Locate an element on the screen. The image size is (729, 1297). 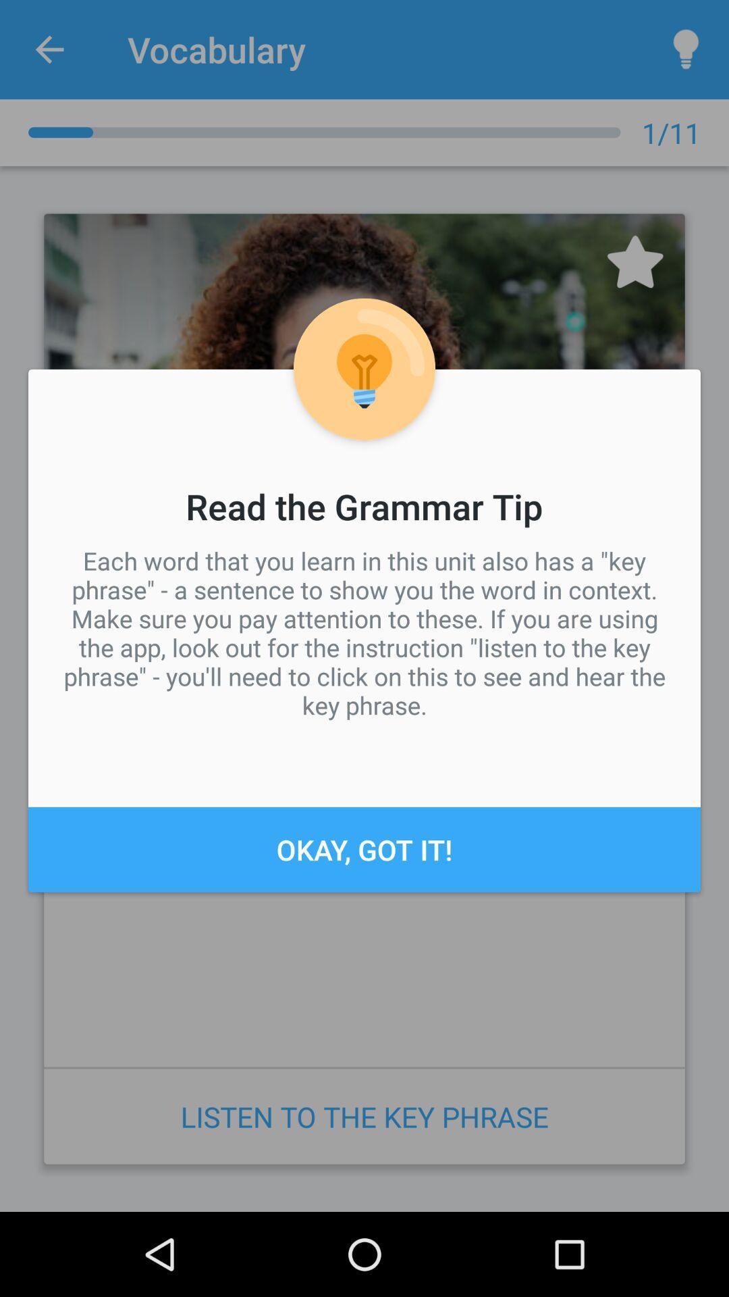
the icon below each word that is located at coordinates (364, 848).